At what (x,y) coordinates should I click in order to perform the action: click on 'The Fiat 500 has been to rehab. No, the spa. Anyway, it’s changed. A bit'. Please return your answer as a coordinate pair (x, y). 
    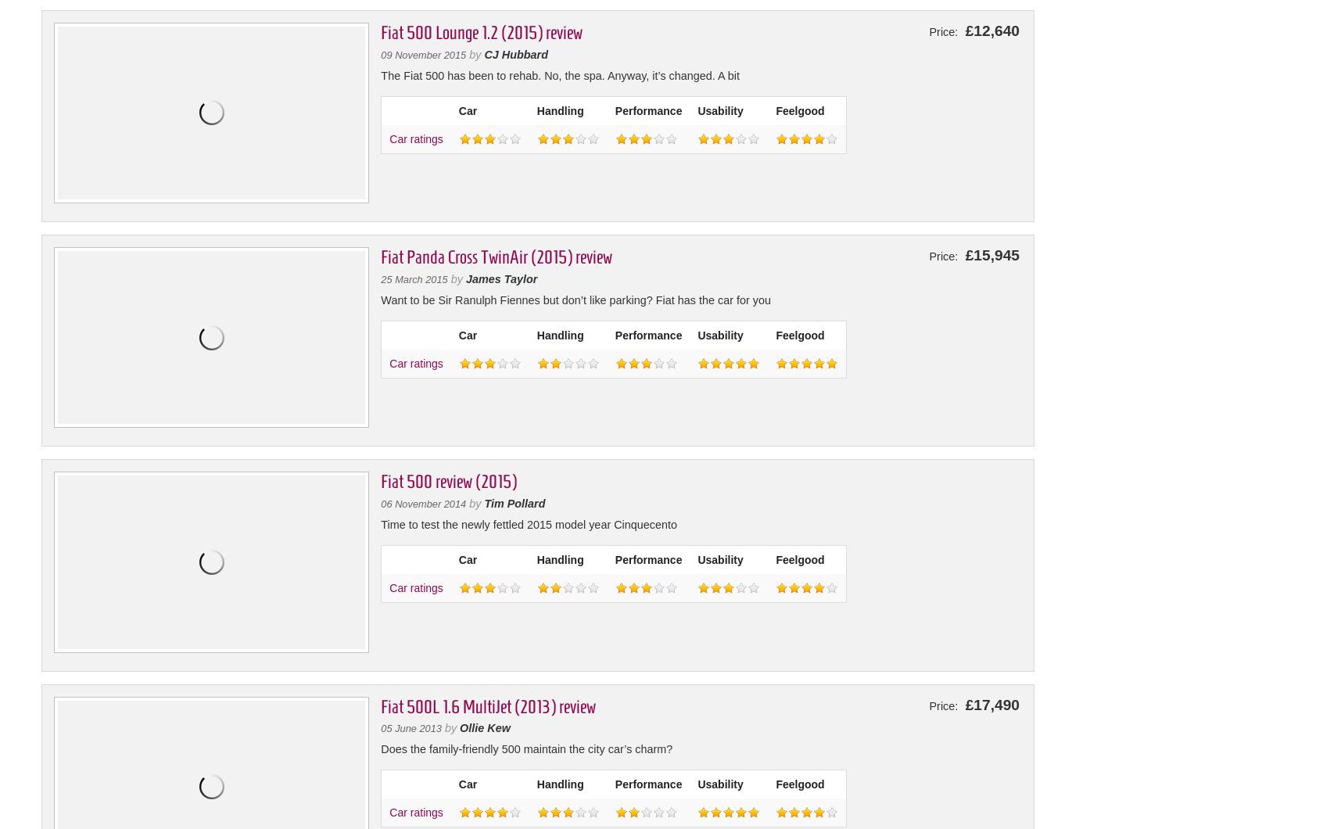
    Looking at the image, I should click on (559, 75).